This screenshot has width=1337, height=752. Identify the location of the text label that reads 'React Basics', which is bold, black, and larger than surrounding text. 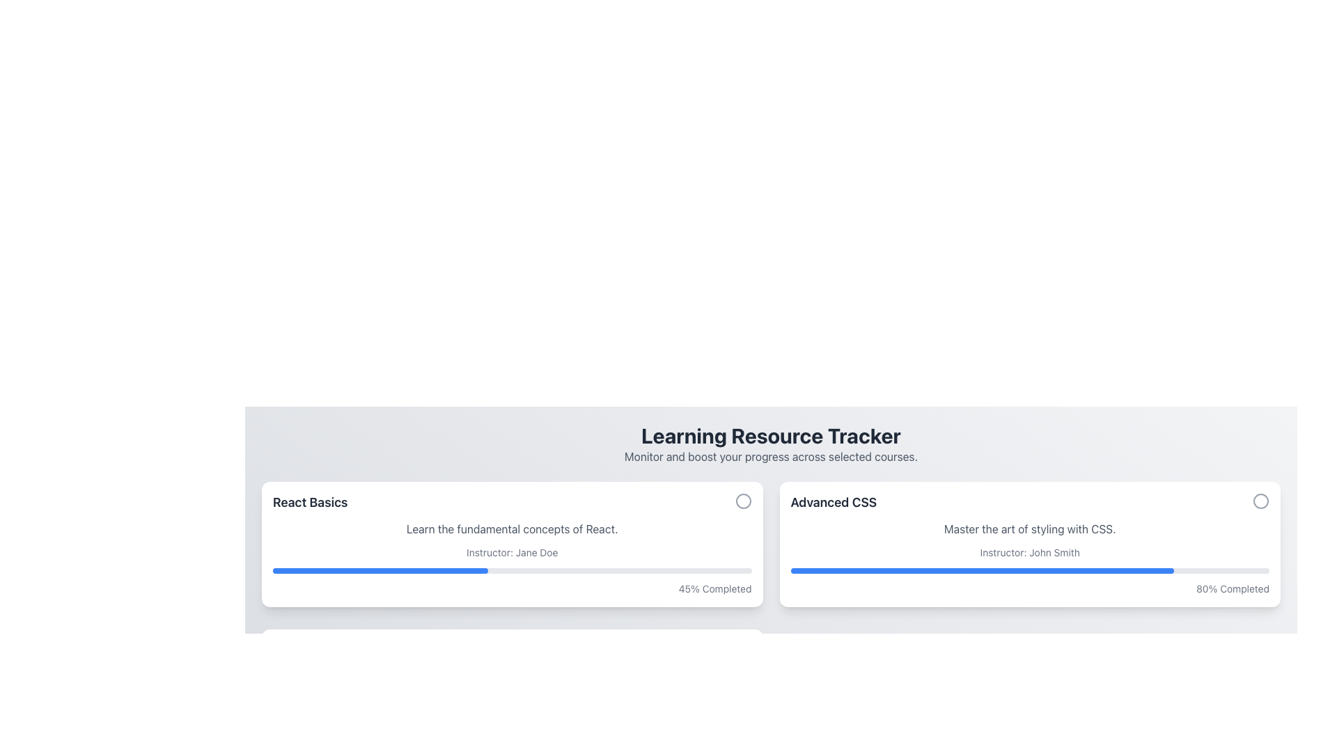
(309, 502).